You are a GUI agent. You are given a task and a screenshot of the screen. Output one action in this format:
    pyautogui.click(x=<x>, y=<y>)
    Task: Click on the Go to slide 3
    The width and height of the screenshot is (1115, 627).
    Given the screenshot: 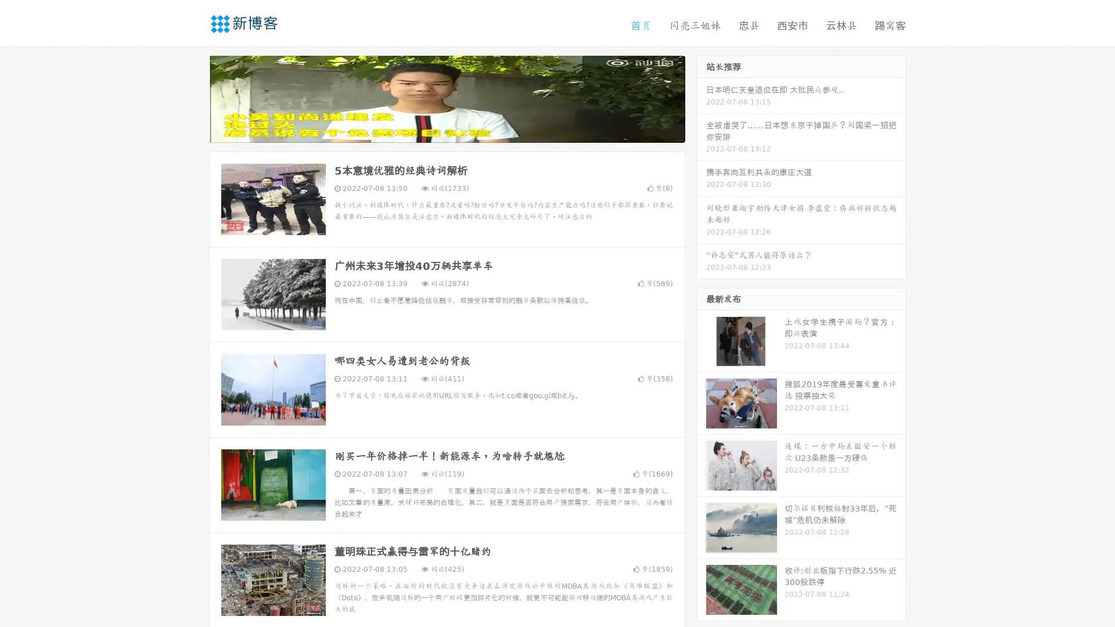 What is the action you would take?
    pyautogui.click(x=458, y=131)
    